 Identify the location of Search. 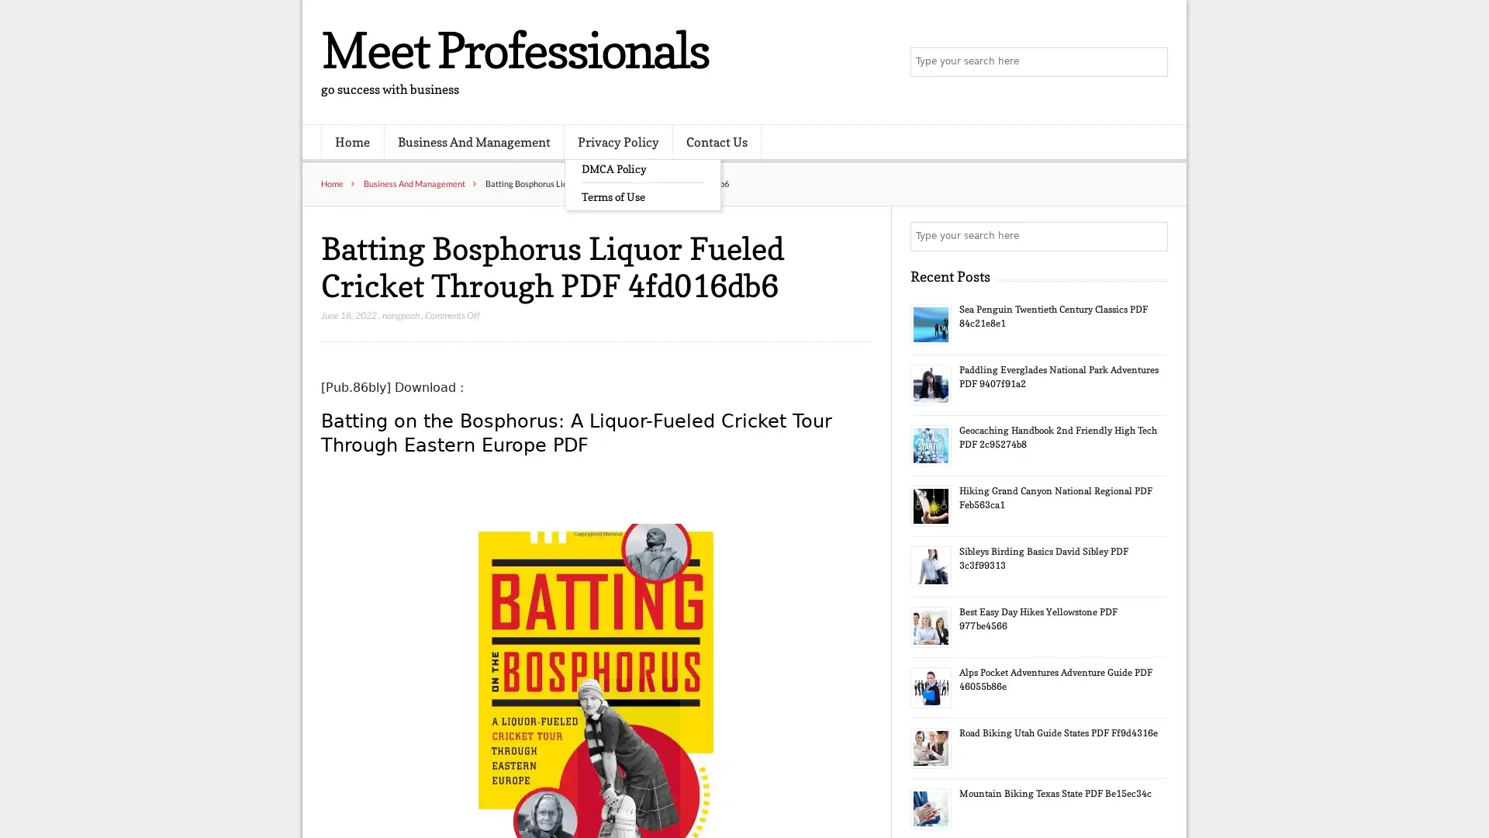
(1152, 62).